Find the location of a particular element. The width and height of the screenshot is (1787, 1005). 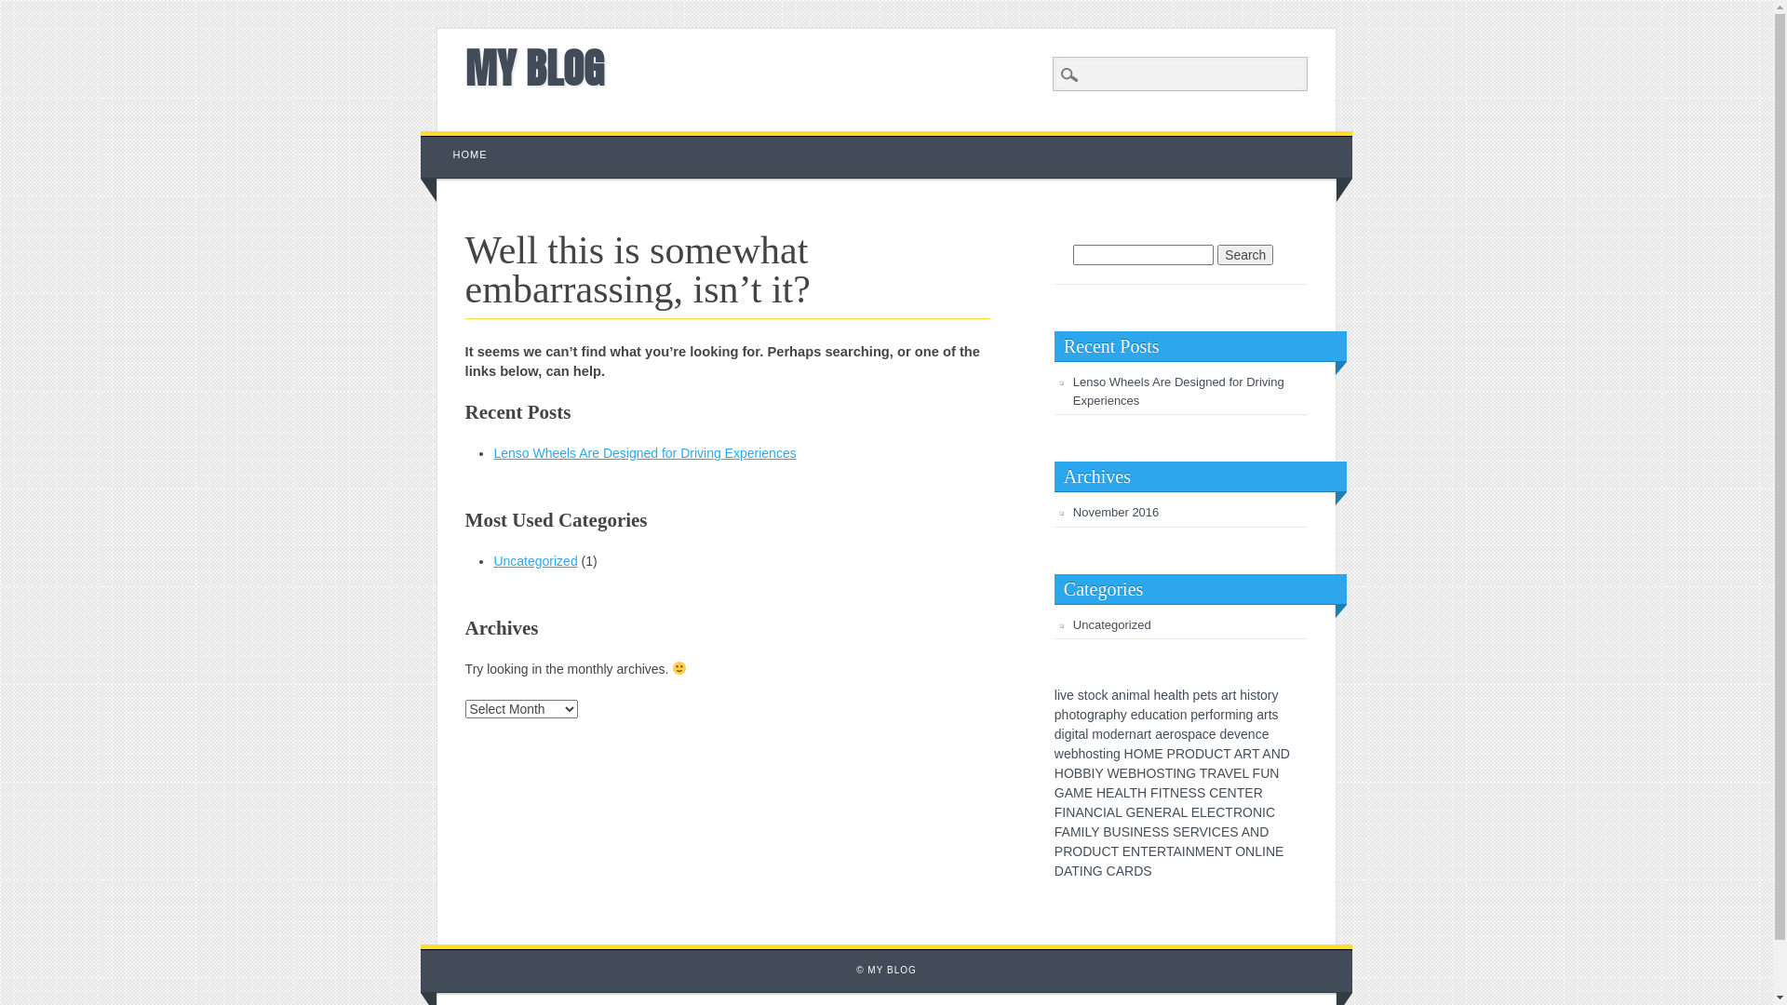

'r' is located at coordinates (1269, 695).